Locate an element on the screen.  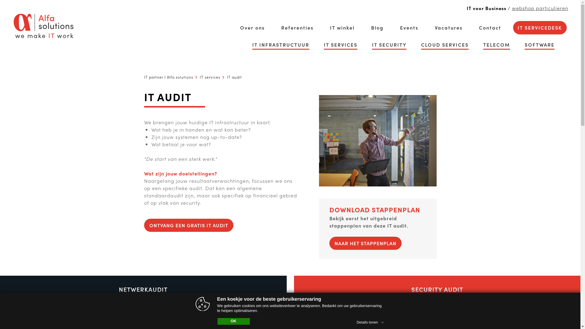
'IT partner I Alfa solutions' is located at coordinates (143, 77).